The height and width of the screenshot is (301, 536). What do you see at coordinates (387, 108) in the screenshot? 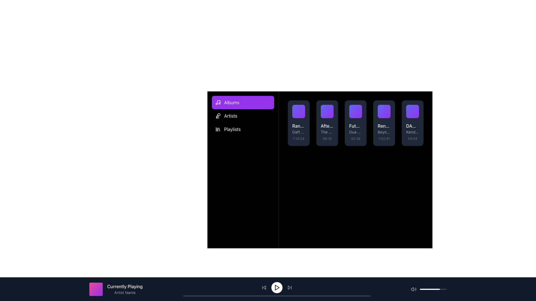
I see `the heart-shaped vector graphic icon in the center of the fourth album card to mark it as favorite` at bounding box center [387, 108].